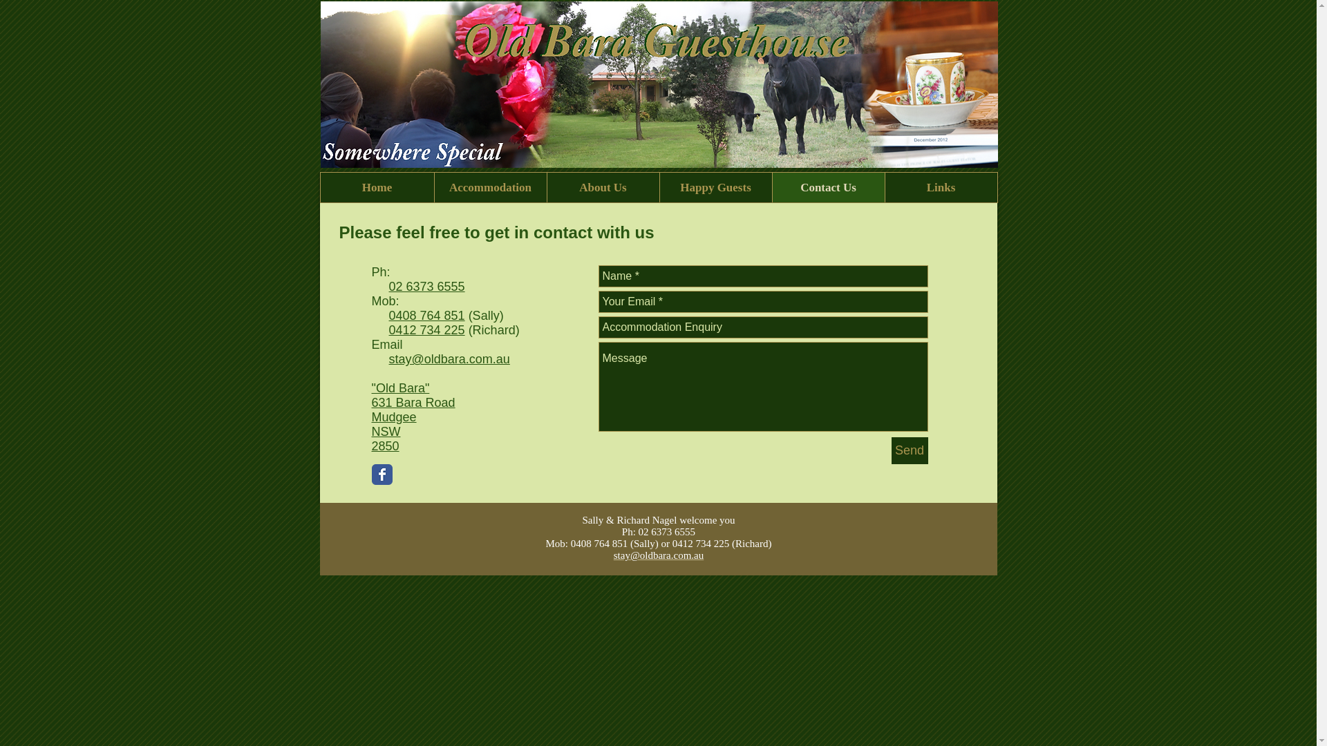 The height and width of the screenshot is (746, 1327). What do you see at coordinates (377, 187) in the screenshot?
I see `'Home'` at bounding box center [377, 187].